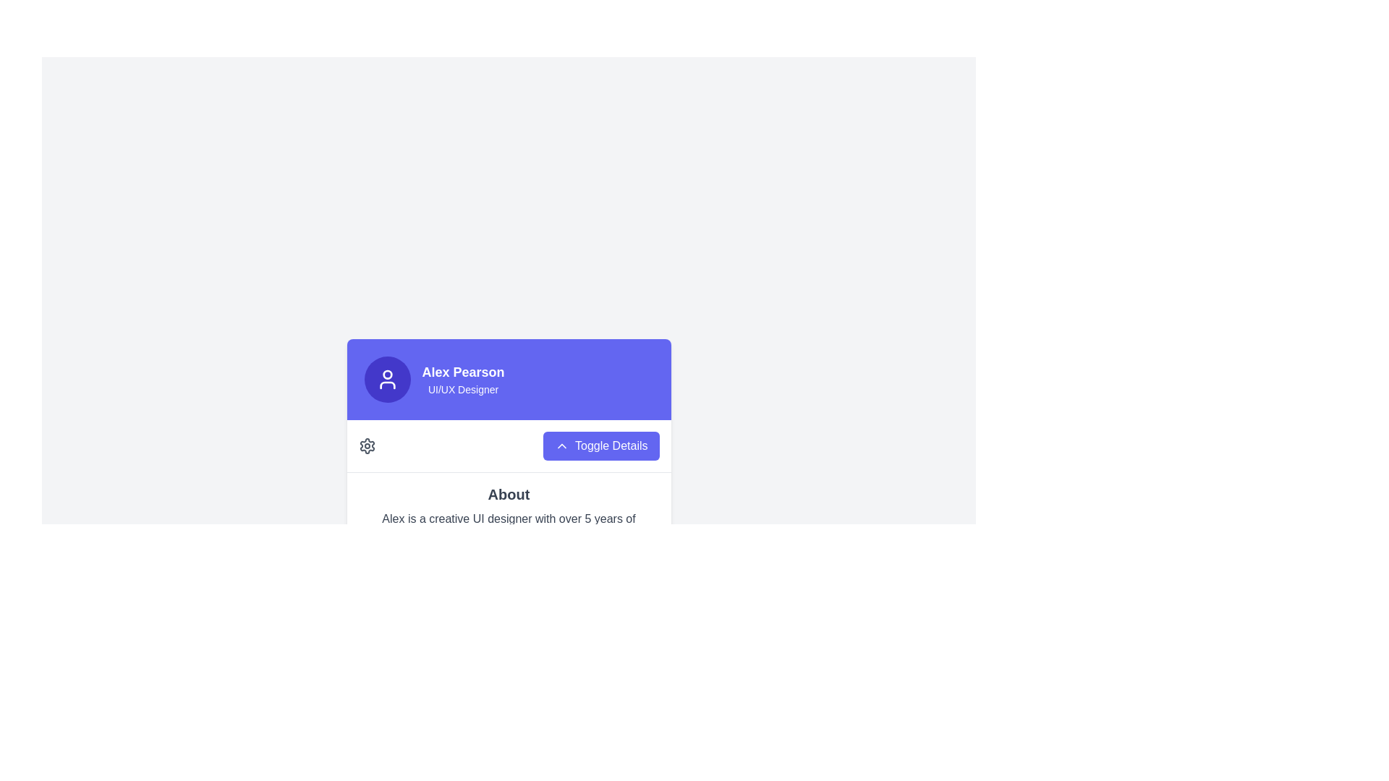  What do you see at coordinates (463, 388) in the screenshot?
I see `the text label displaying 'UI/UX Designer', which is positioned below the name 'Alex Pearson' in the profile card` at bounding box center [463, 388].